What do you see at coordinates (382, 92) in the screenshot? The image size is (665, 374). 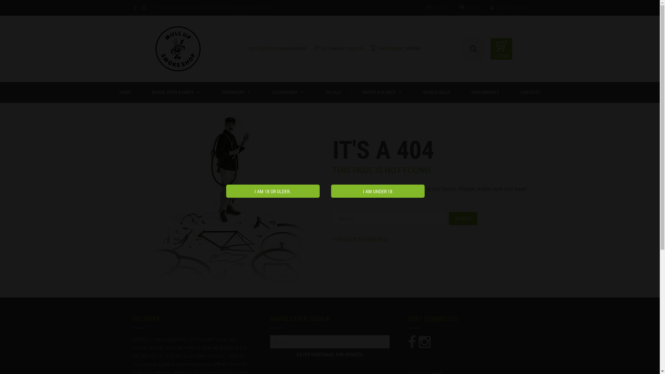 I see `'PAPERS & BLUNTS'` at bounding box center [382, 92].